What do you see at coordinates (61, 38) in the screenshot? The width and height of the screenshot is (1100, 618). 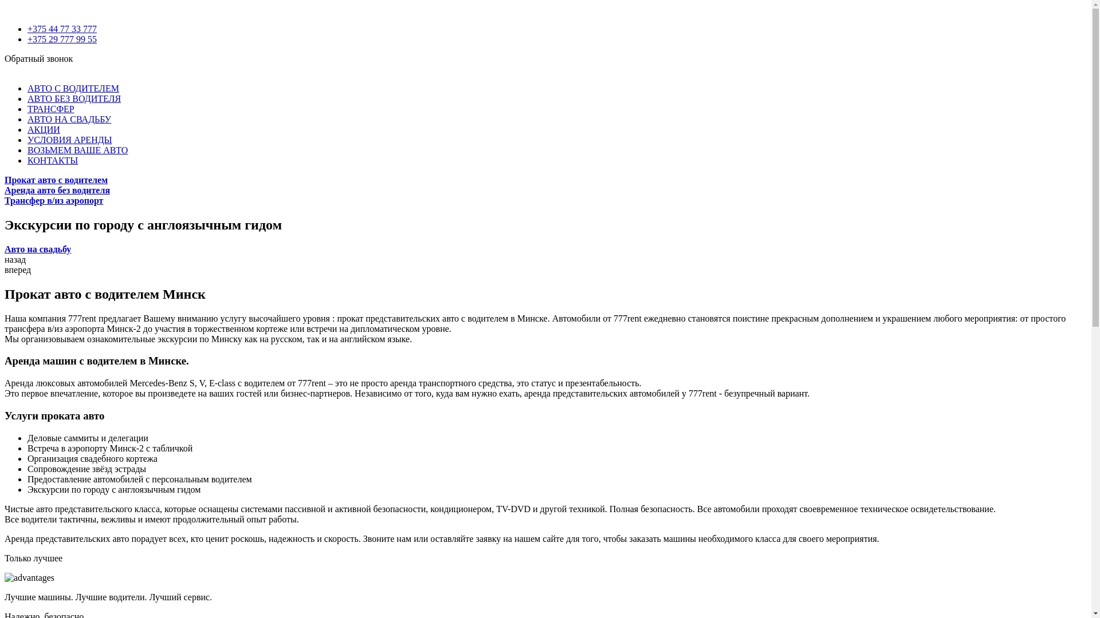 I see `'+375 29 777 99 55'` at bounding box center [61, 38].